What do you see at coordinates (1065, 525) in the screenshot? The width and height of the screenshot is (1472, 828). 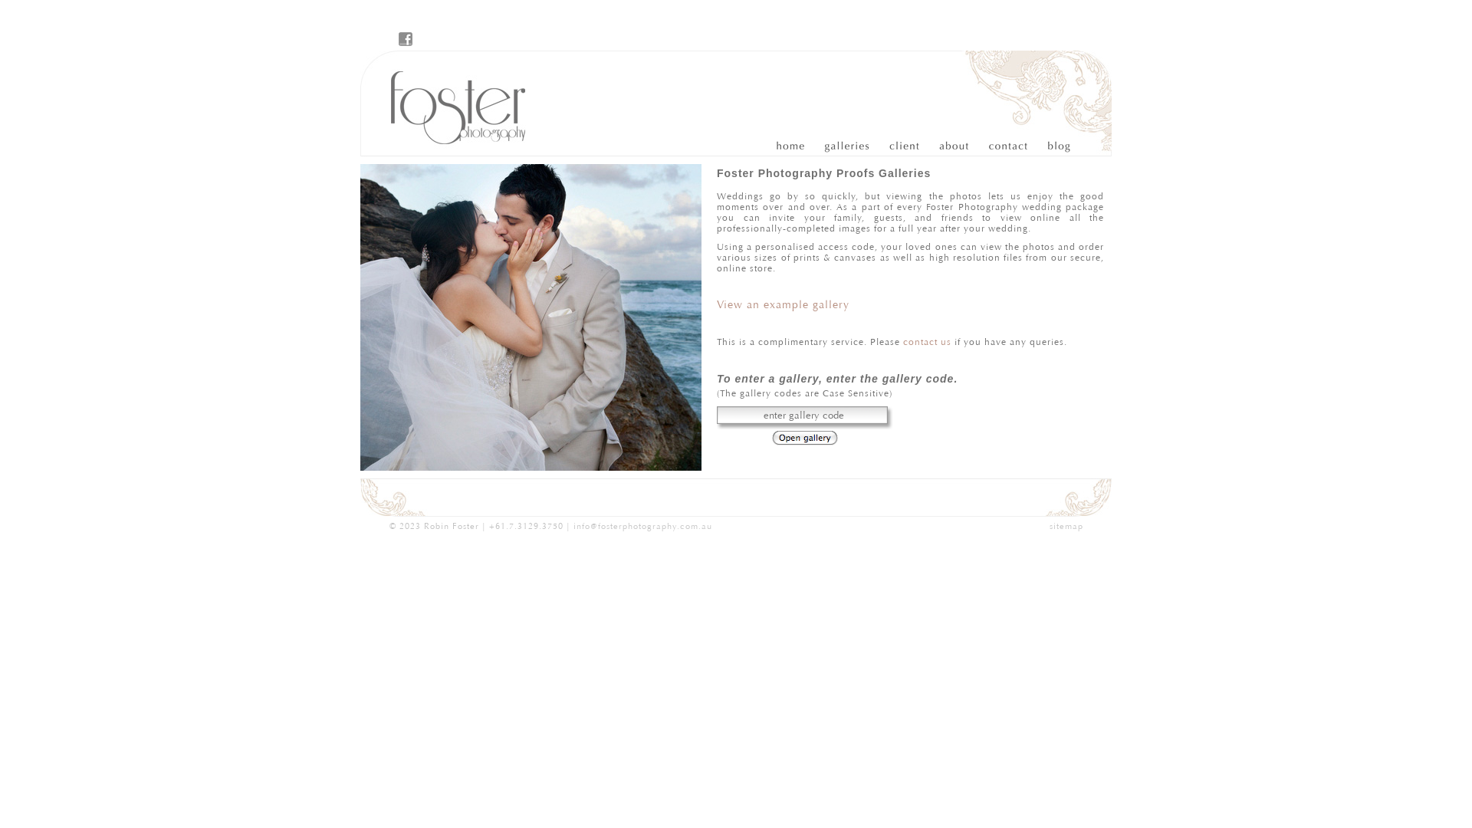 I see `'sitemap'` at bounding box center [1065, 525].